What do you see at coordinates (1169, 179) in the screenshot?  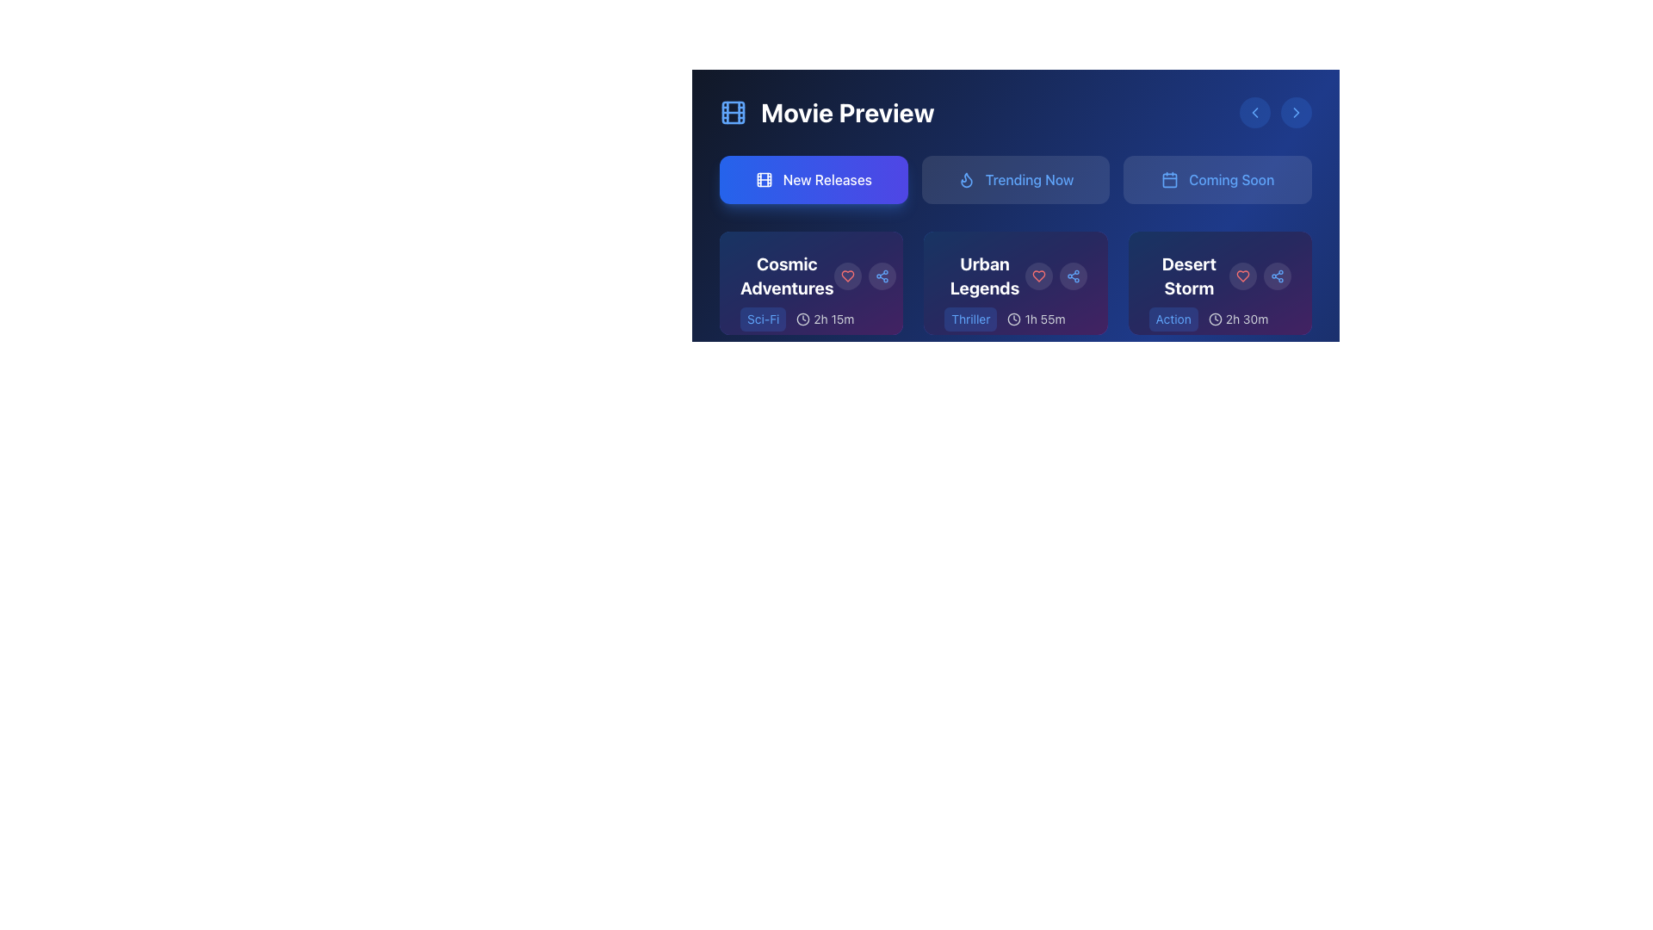 I see `the 'Coming Soon' button, which contains the icon representing upcoming events or content, located at the right-hand side of the top section of the interface` at bounding box center [1169, 179].